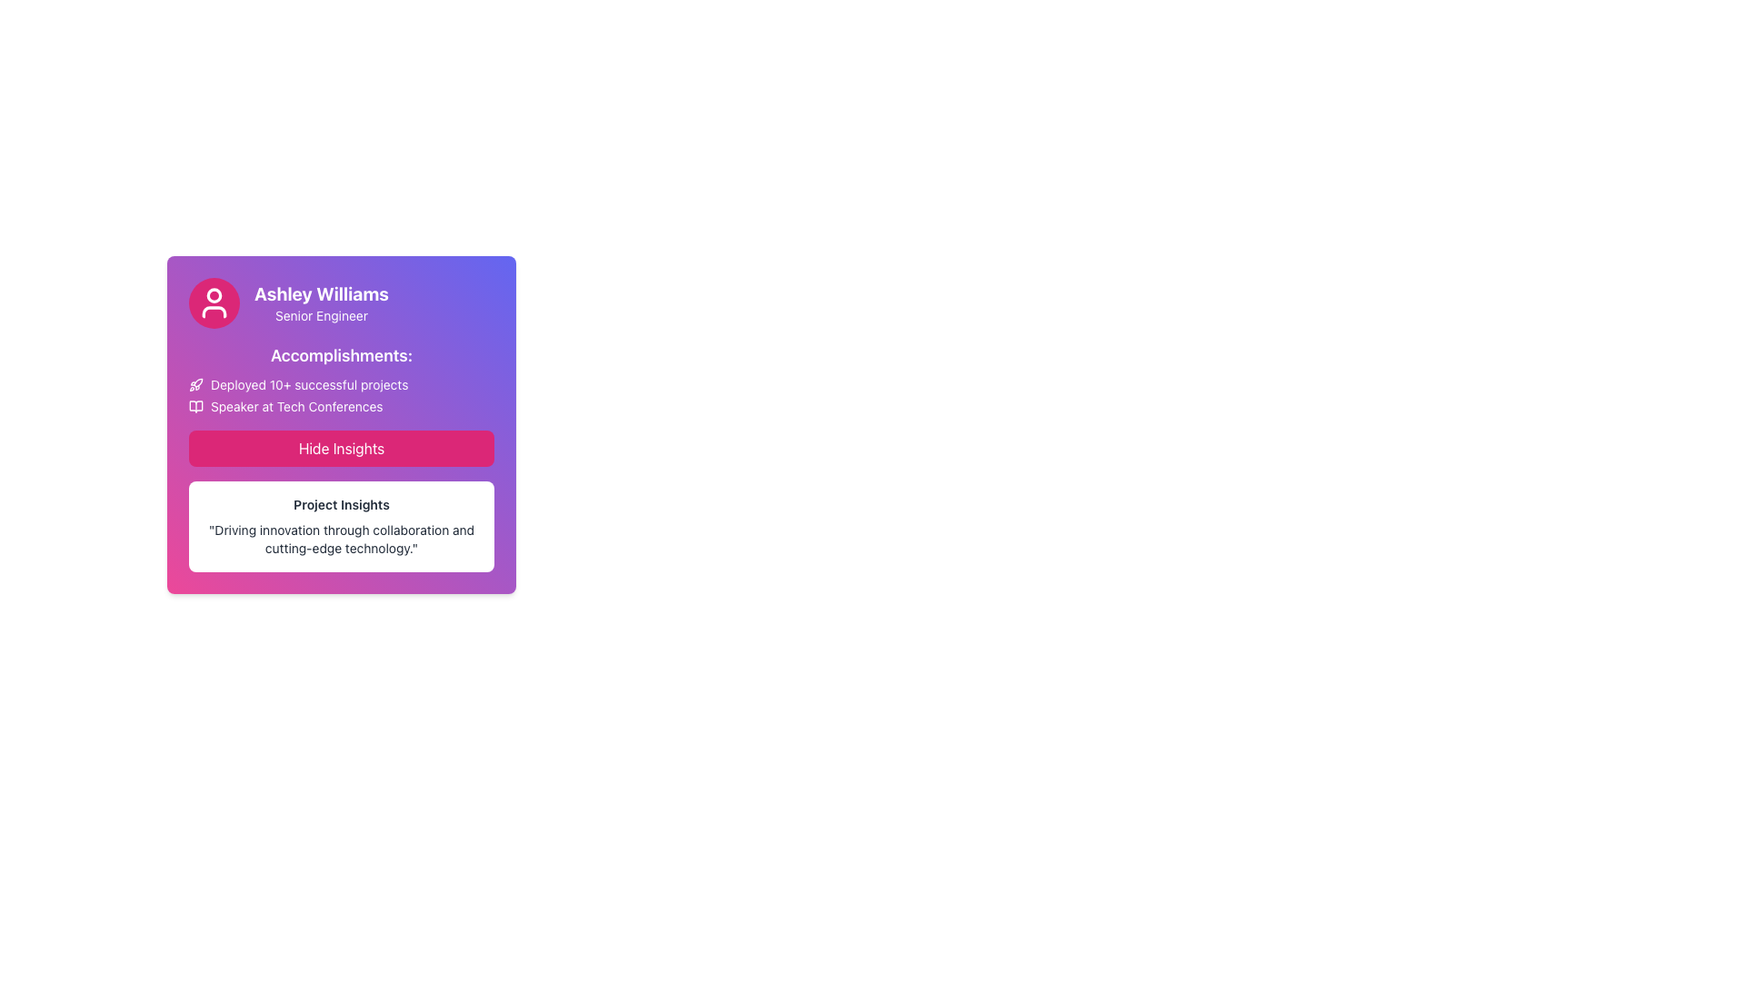  I want to click on the content display section that shows accomplishments for Ashley Williams, located below the name and title and above the 'Hide Insights' button, so click(341, 378).